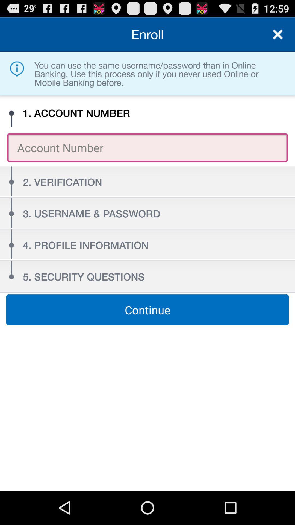 This screenshot has height=525, width=295. Describe the element at coordinates (278, 34) in the screenshot. I see `quit for menu` at that location.